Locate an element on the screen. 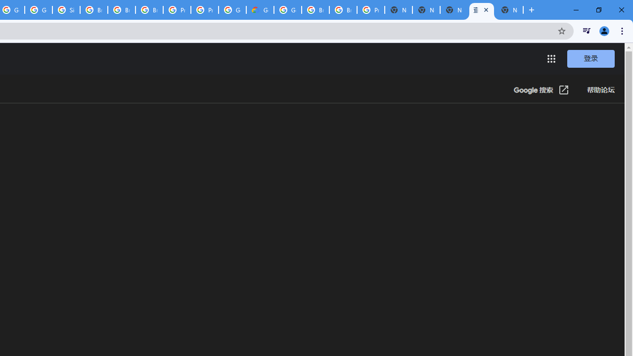 This screenshot has height=356, width=633. 'Restore' is located at coordinates (598, 10).